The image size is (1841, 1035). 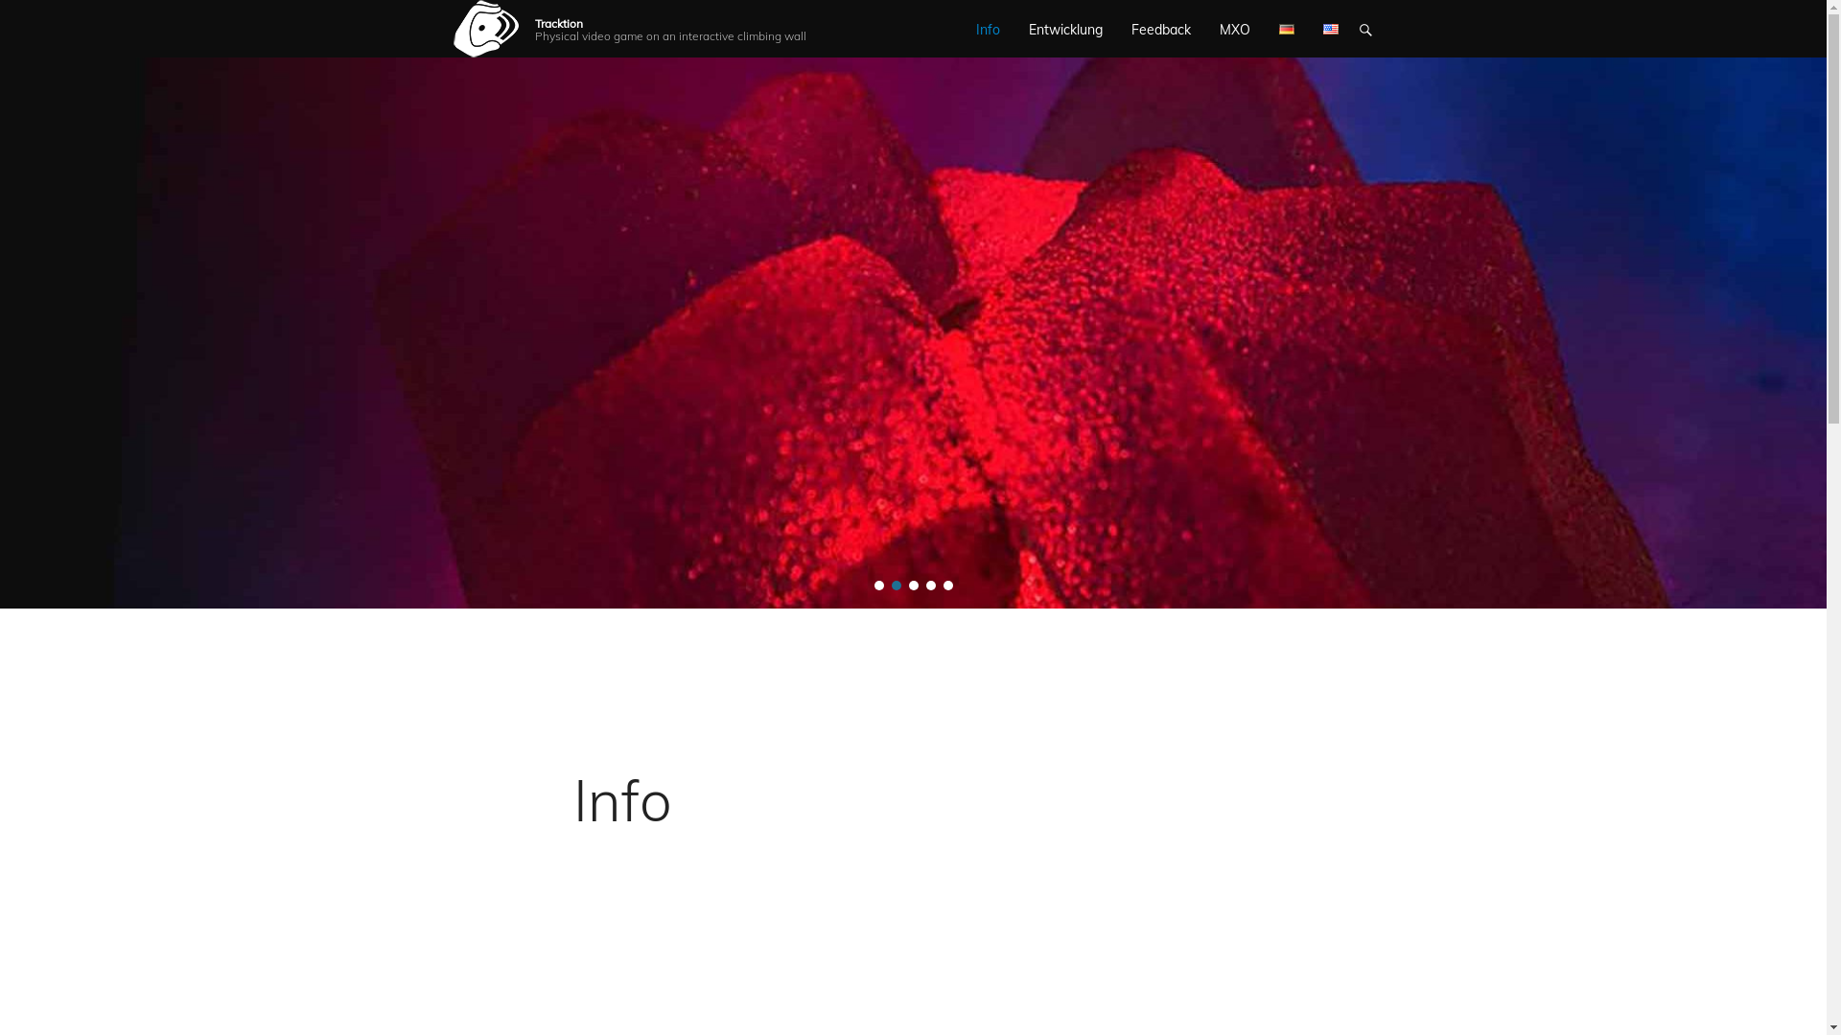 I want to click on 'Permalink to slider_4', so click(x=912, y=322).